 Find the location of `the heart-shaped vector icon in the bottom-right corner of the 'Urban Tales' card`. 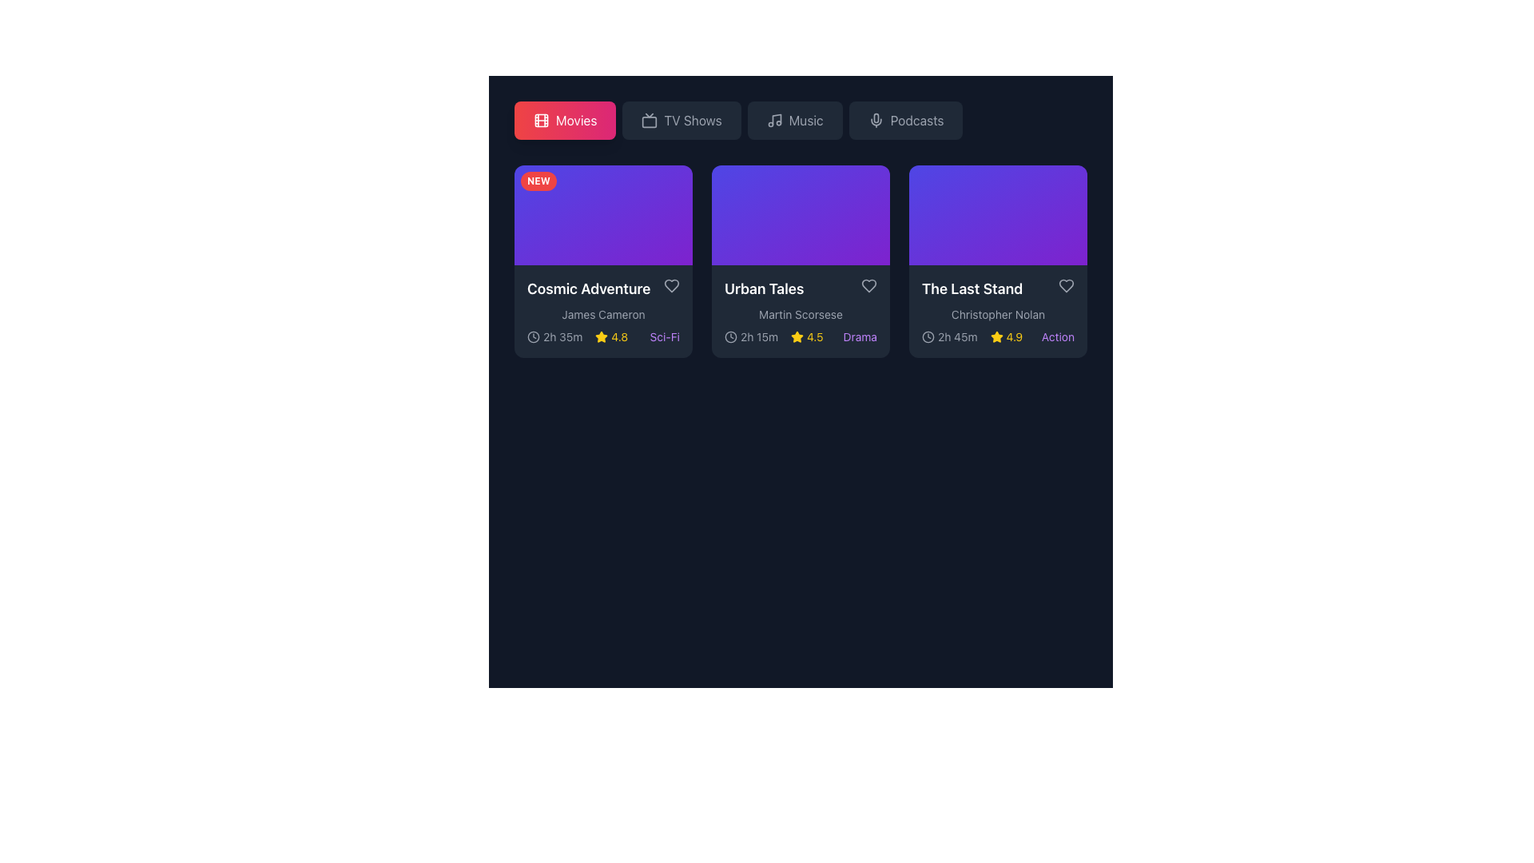

the heart-shaped vector icon in the bottom-right corner of the 'Urban Tales' card is located at coordinates (868, 285).